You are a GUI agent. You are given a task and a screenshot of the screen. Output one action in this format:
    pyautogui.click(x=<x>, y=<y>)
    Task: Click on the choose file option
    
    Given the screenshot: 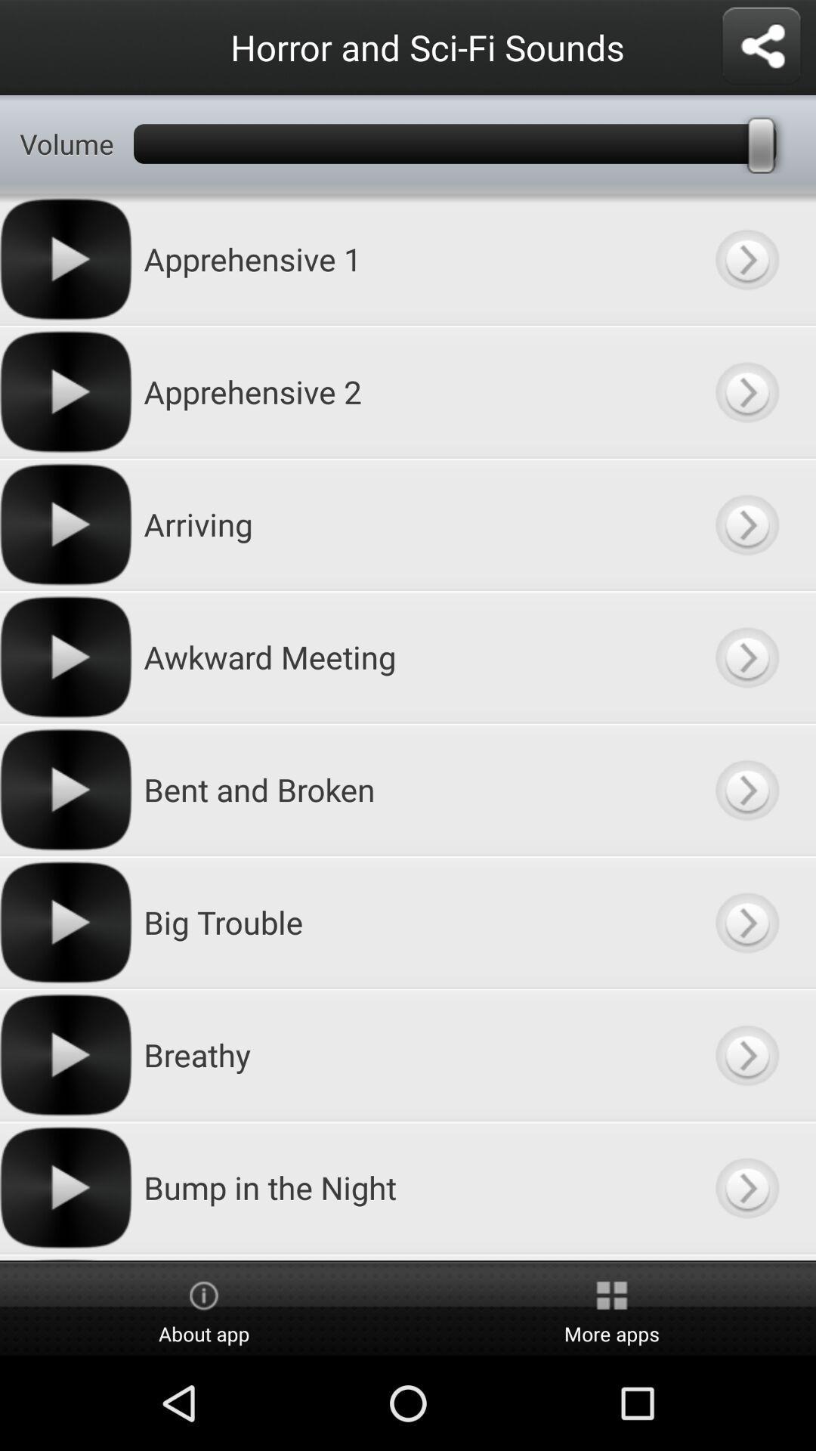 What is the action you would take?
    pyautogui.click(x=746, y=657)
    